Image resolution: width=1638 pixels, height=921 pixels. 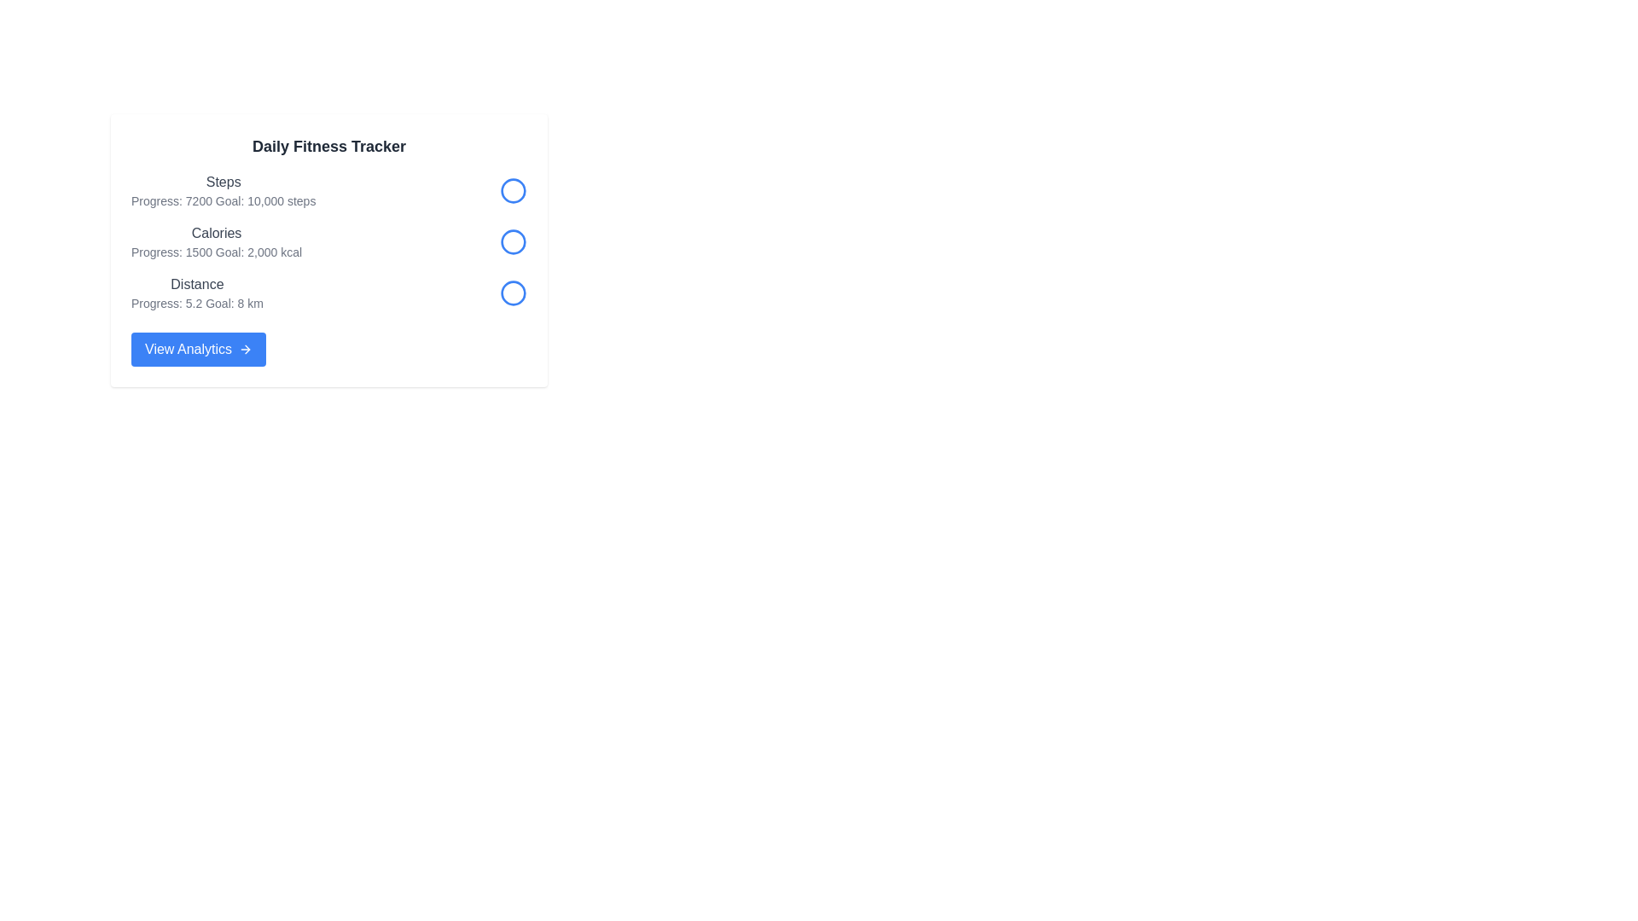 What do you see at coordinates (216, 233) in the screenshot?
I see `the text label reading 'Calories', which is styled with a gray color and medium font weight, positioned under the heading 'Daily Fitness Tracker'` at bounding box center [216, 233].